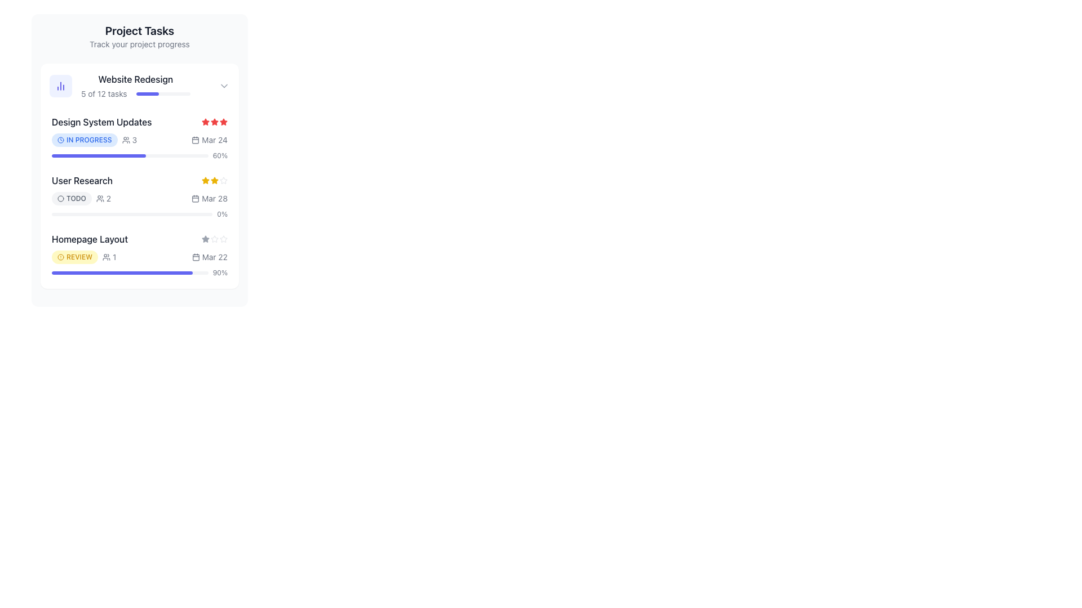 The height and width of the screenshot is (608, 1082). Describe the element at coordinates (134, 86) in the screenshot. I see `the Task progress indicator titled 'Website Redesign' with subtitle '5 of 12 tasks'` at that location.